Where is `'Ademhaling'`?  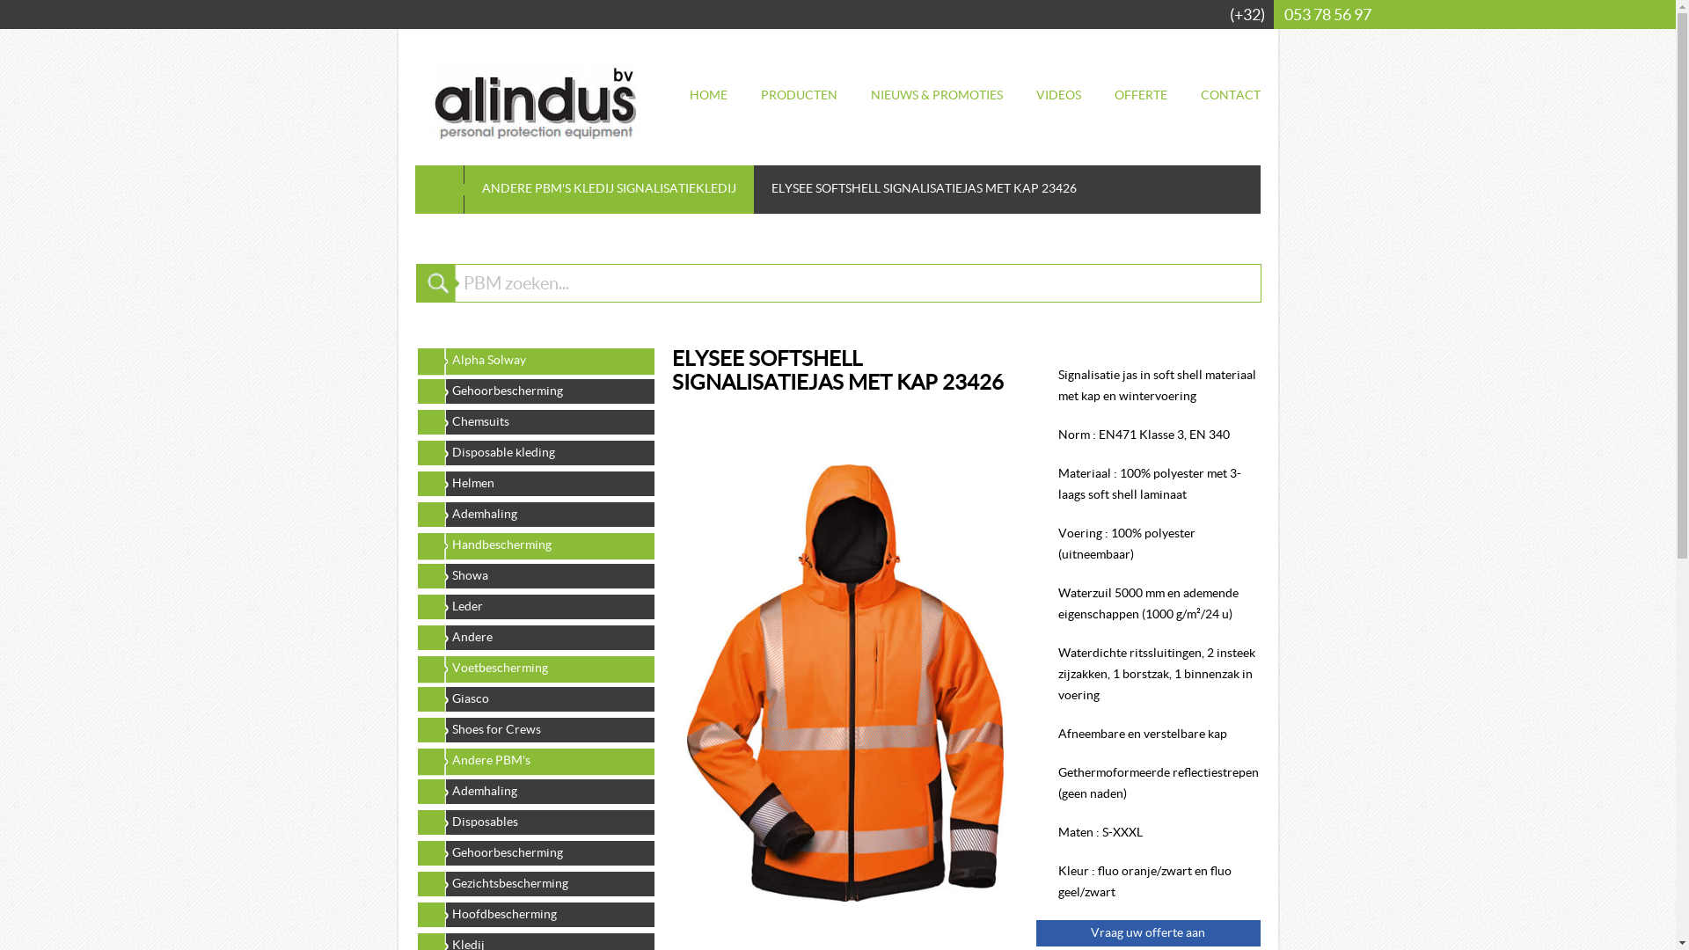
'Ademhaling' is located at coordinates (533, 513).